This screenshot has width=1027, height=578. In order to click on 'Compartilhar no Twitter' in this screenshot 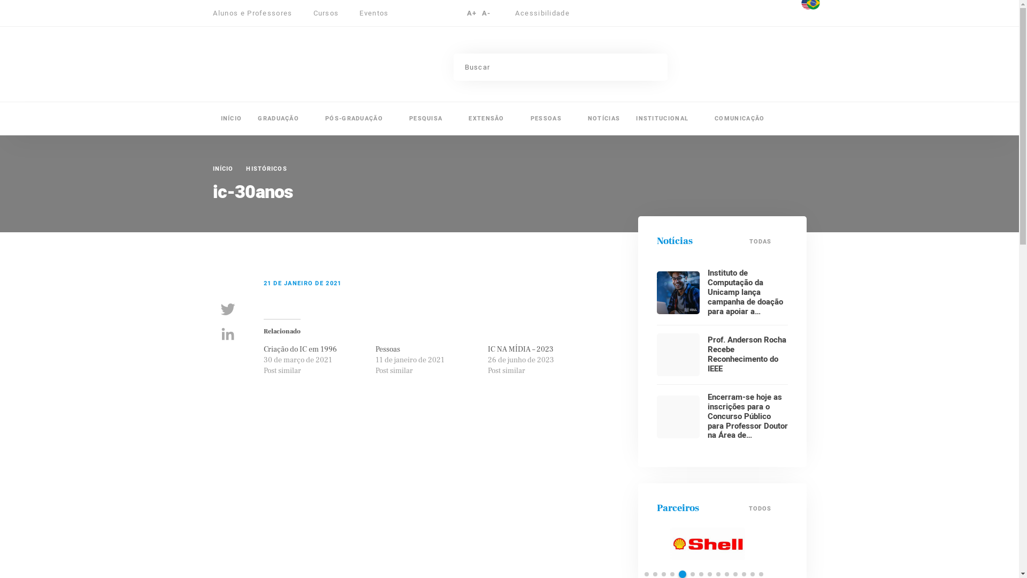, I will do `click(227, 309)`.